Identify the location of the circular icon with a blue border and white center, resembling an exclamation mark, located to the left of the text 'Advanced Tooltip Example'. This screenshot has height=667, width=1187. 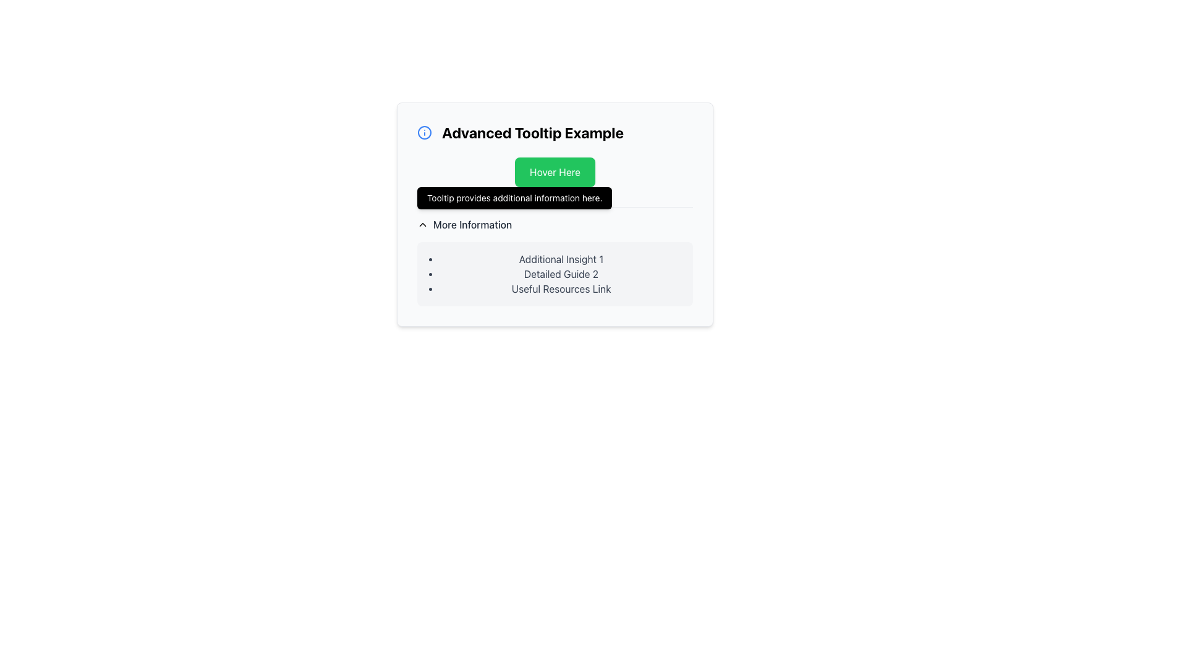
(424, 133).